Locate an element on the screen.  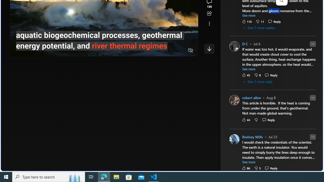
'110 Like' is located at coordinates (247, 21).